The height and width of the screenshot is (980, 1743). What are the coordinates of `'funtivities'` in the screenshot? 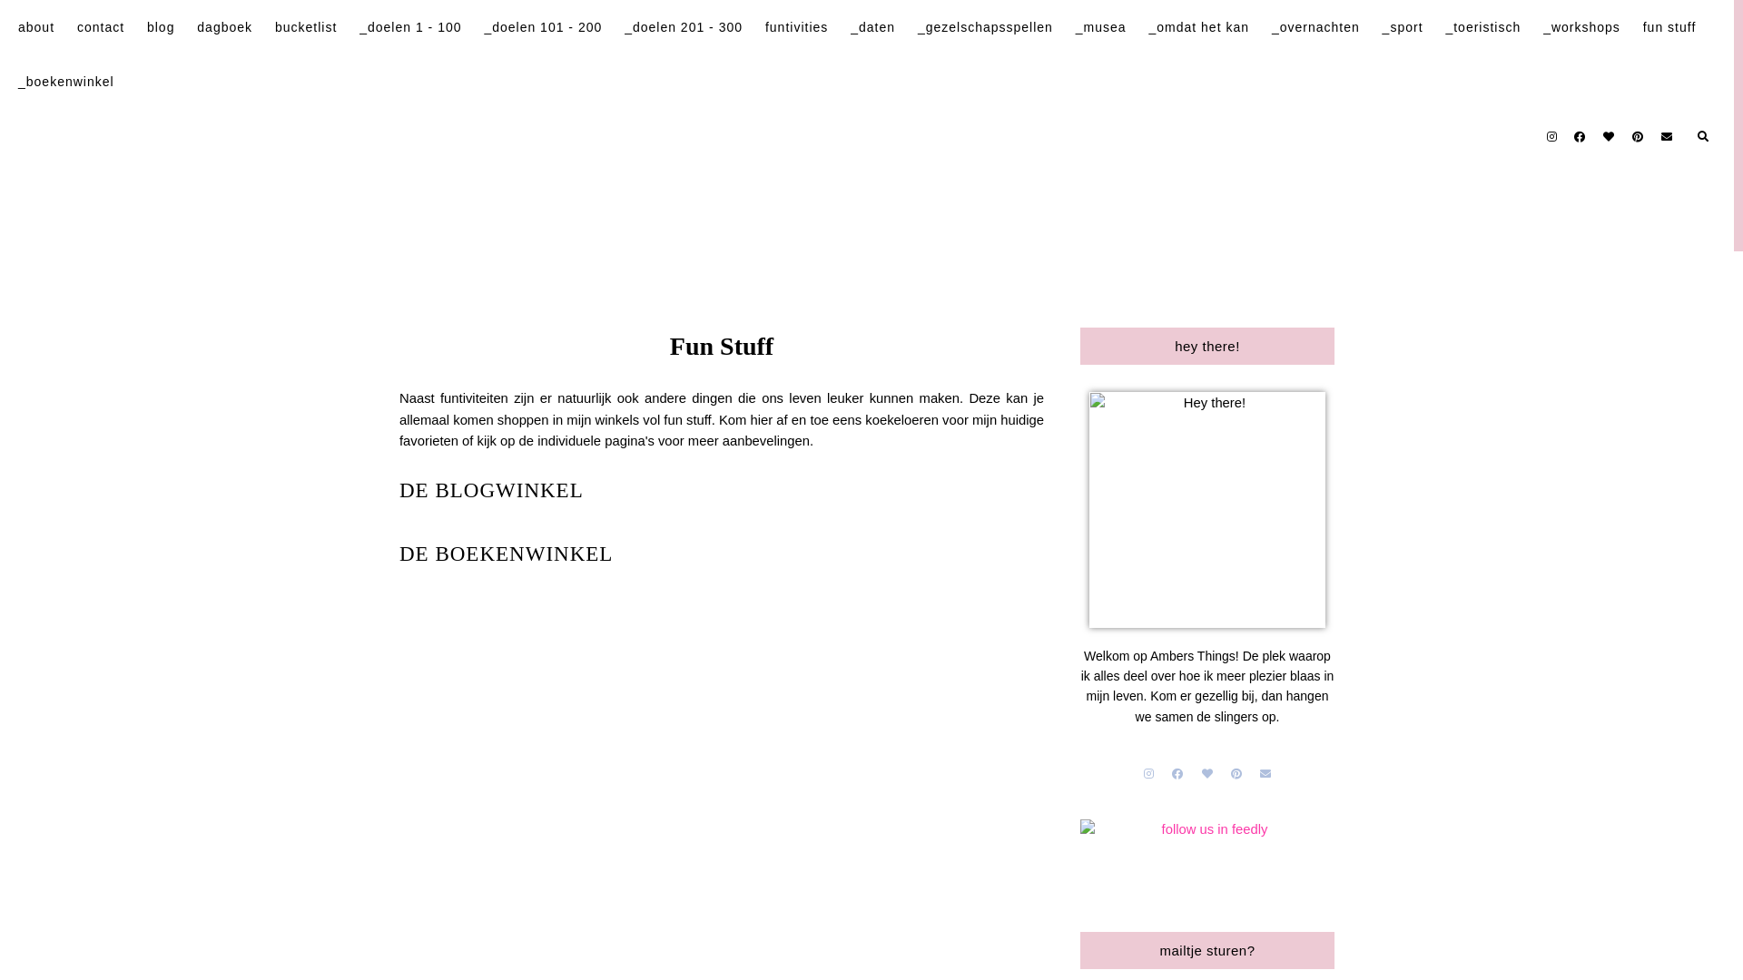 It's located at (765, 27).